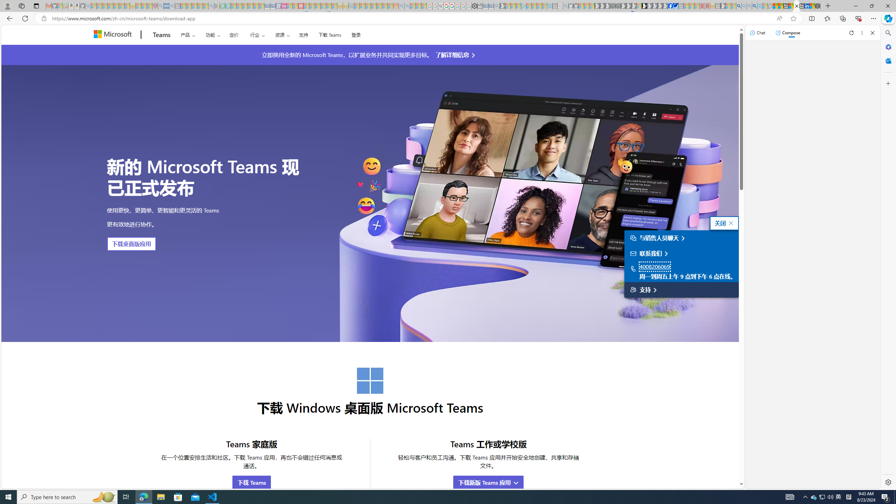 This screenshot has height=504, width=896. What do you see at coordinates (217, 6) in the screenshot?
I see `'Bluey: Let'` at bounding box center [217, 6].